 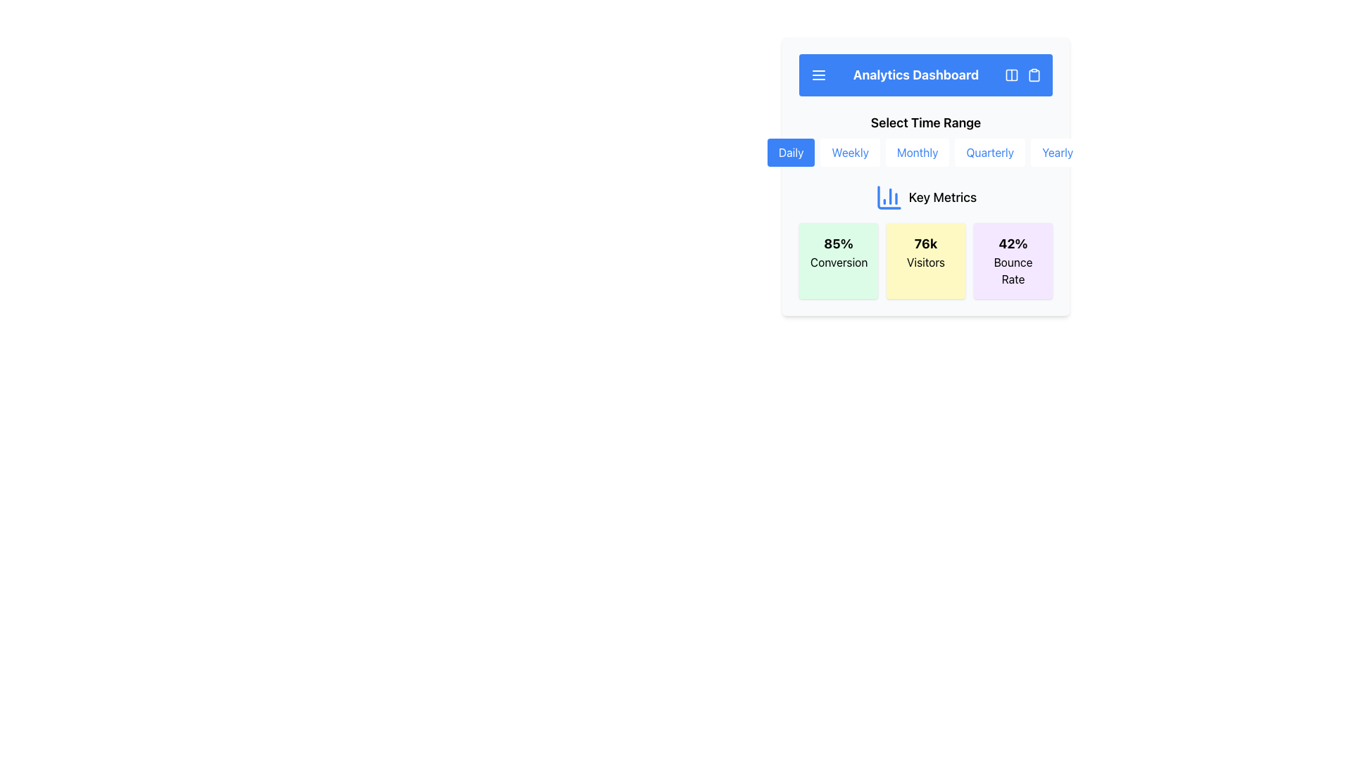 What do you see at coordinates (926, 140) in the screenshot?
I see `keyboard navigation` at bounding box center [926, 140].